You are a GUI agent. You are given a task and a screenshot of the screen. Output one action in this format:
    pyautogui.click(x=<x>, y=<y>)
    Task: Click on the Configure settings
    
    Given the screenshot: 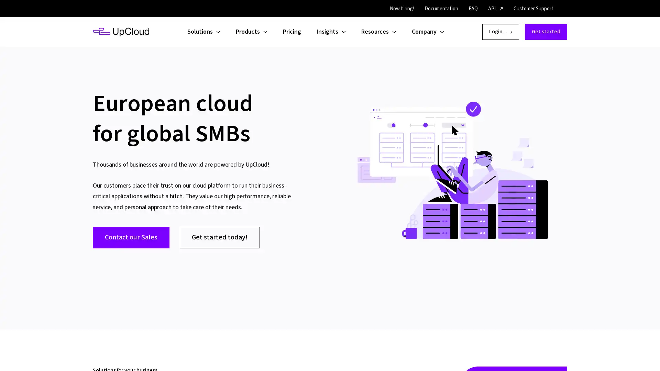 What is the action you would take?
    pyautogui.click(x=281, y=140)
    